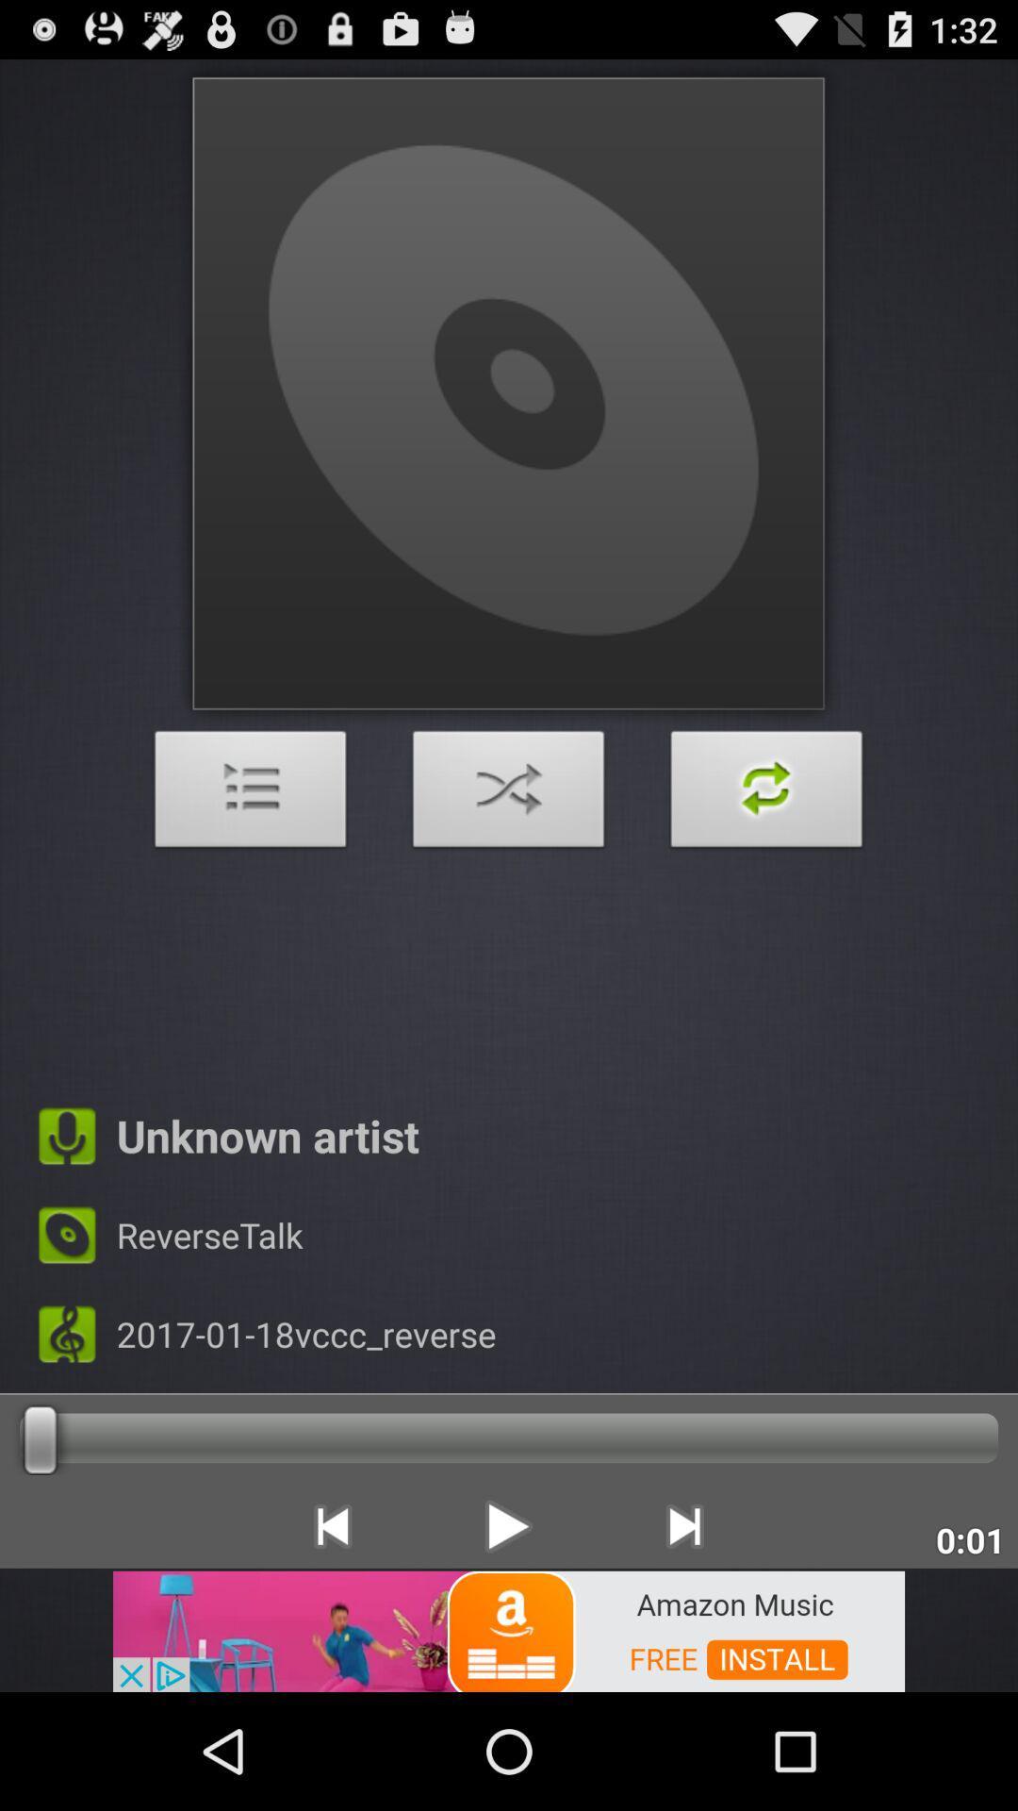 Image resolution: width=1018 pixels, height=1811 pixels. What do you see at coordinates (766, 794) in the screenshot?
I see `refresh` at bounding box center [766, 794].